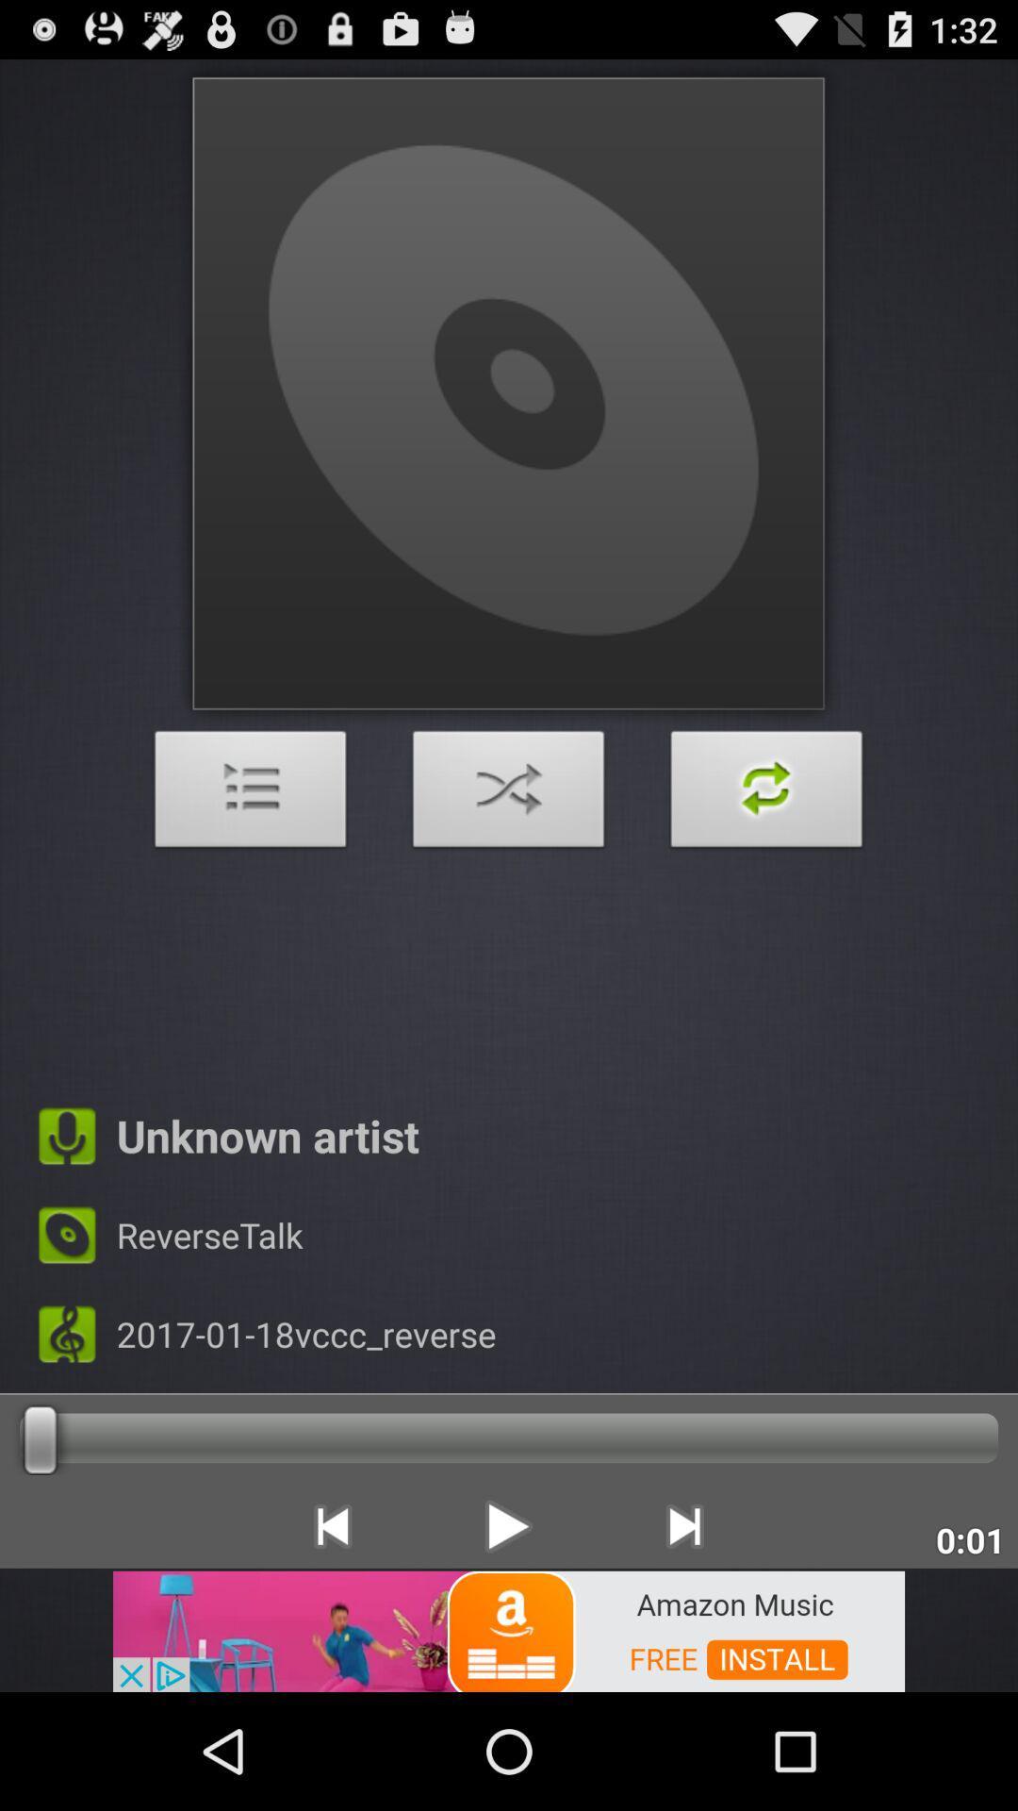 Image resolution: width=1018 pixels, height=1811 pixels. What do you see at coordinates (766, 794) in the screenshot?
I see `refresh` at bounding box center [766, 794].